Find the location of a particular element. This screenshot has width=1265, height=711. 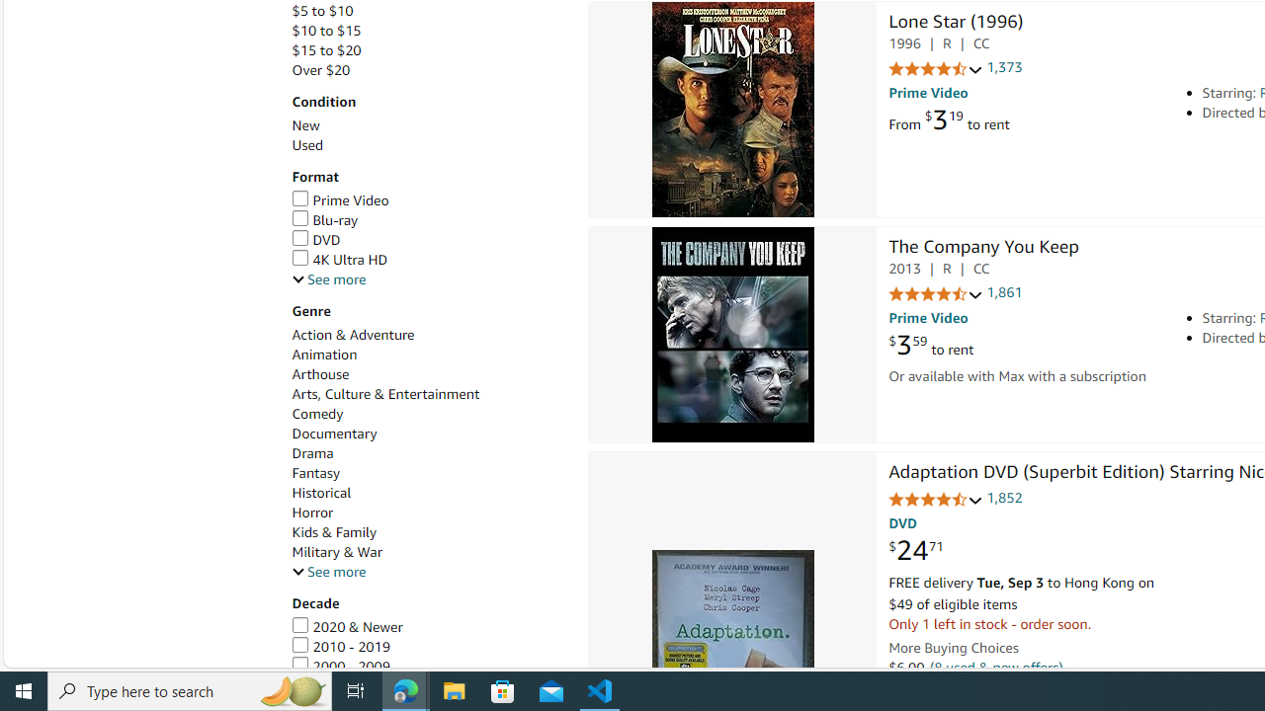

'Fantasy' is located at coordinates (316, 473).